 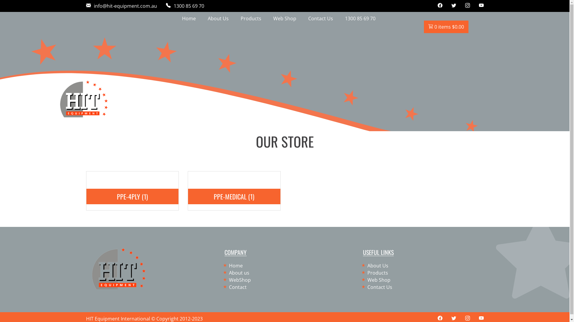 What do you see at coordinates (320, 18) in the screenshot?
I see `'Contact Us'` at bounding box center [320, 18].